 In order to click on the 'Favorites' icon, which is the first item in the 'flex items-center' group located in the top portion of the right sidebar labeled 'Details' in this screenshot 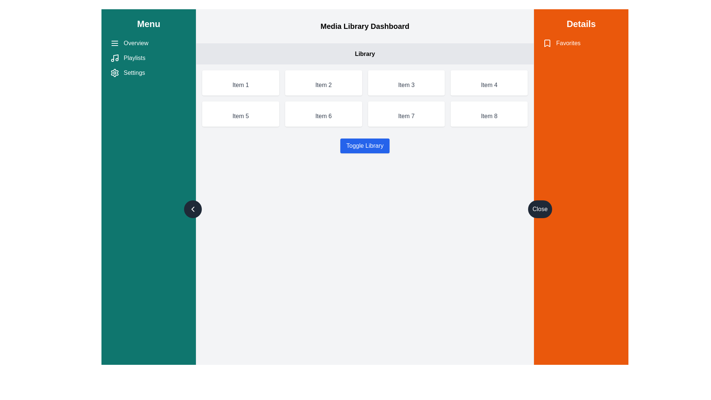, I will do `click(547, 43)`.